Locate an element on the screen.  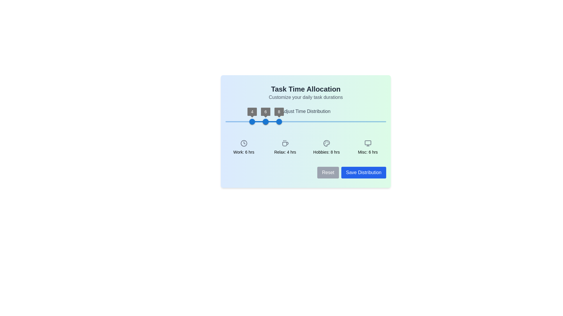
the 'Reset' button, which has a gray background and white text, located at the bottom-right of the interface to reset inputs is located at coordinates (328, 172).